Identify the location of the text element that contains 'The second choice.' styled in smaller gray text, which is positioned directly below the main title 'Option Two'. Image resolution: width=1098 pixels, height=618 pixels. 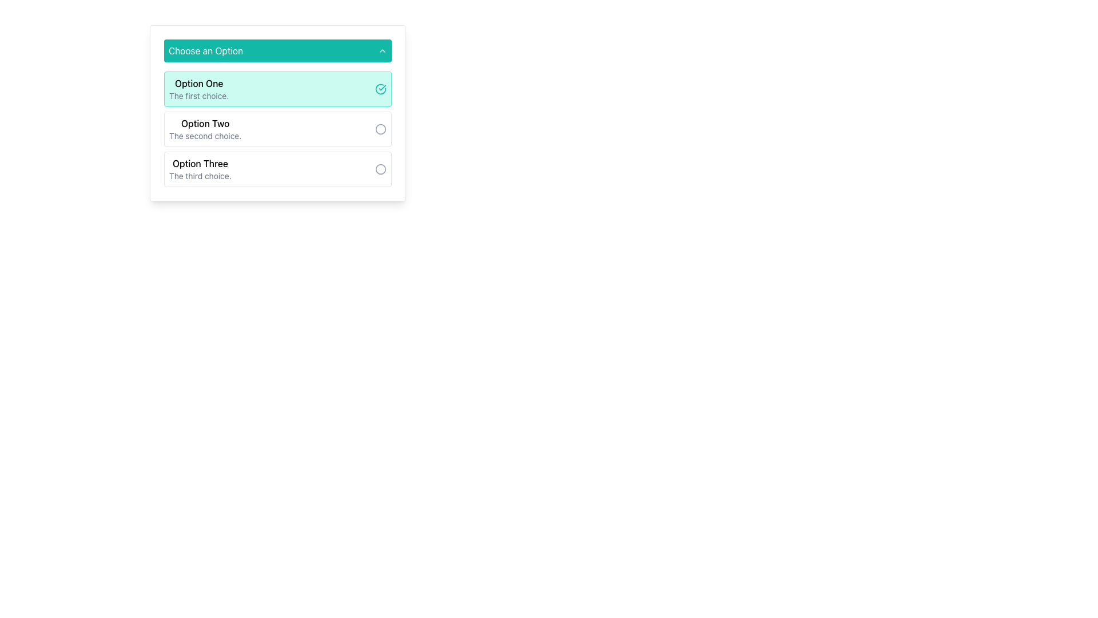
(205, 136).